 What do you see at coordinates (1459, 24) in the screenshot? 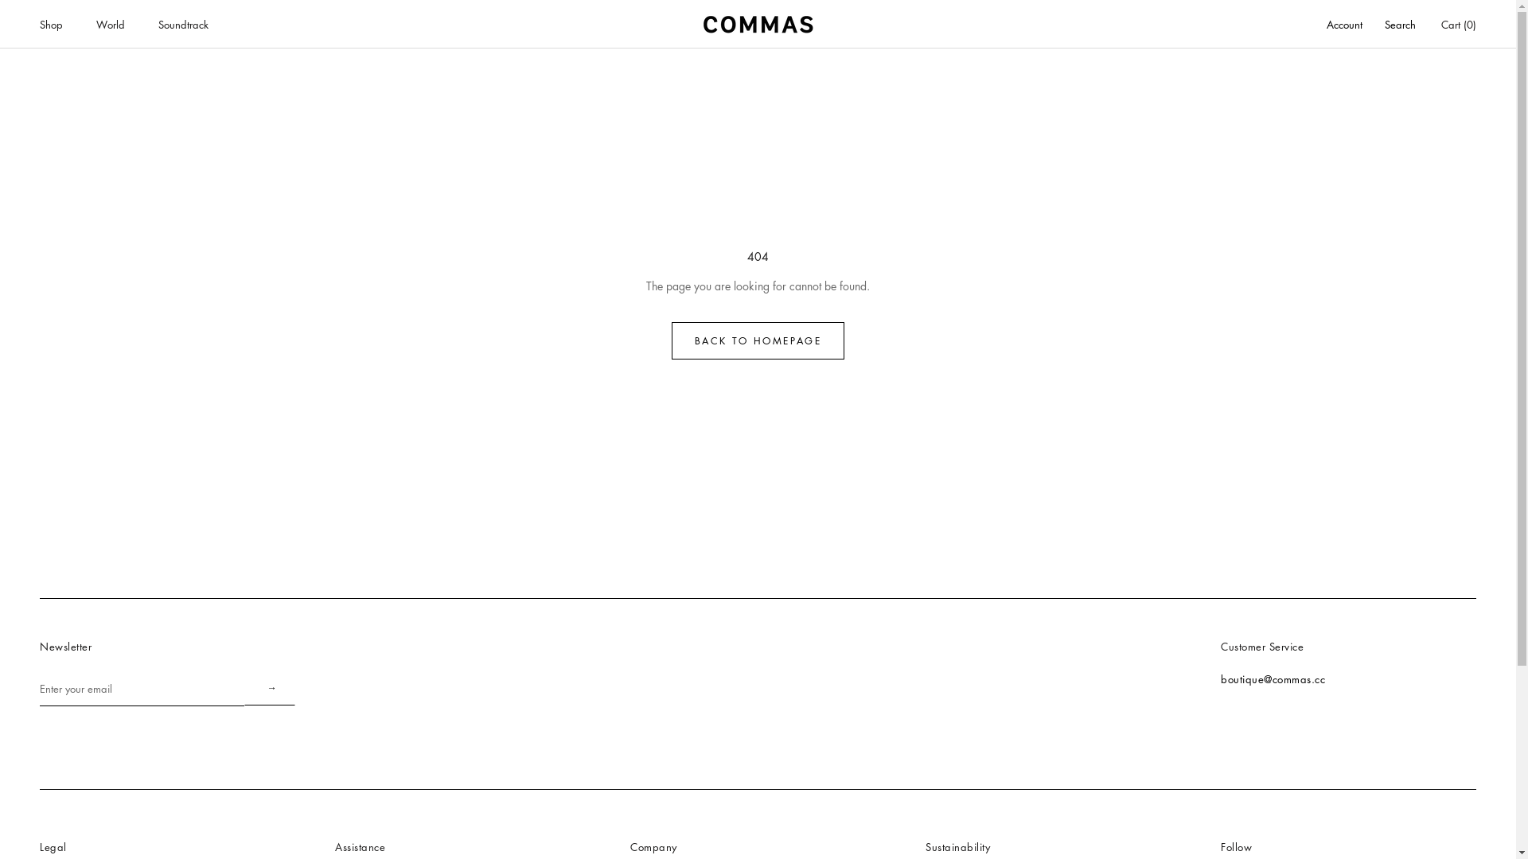
I see `'Cart (0)'` at bounding box center [1459, 24].